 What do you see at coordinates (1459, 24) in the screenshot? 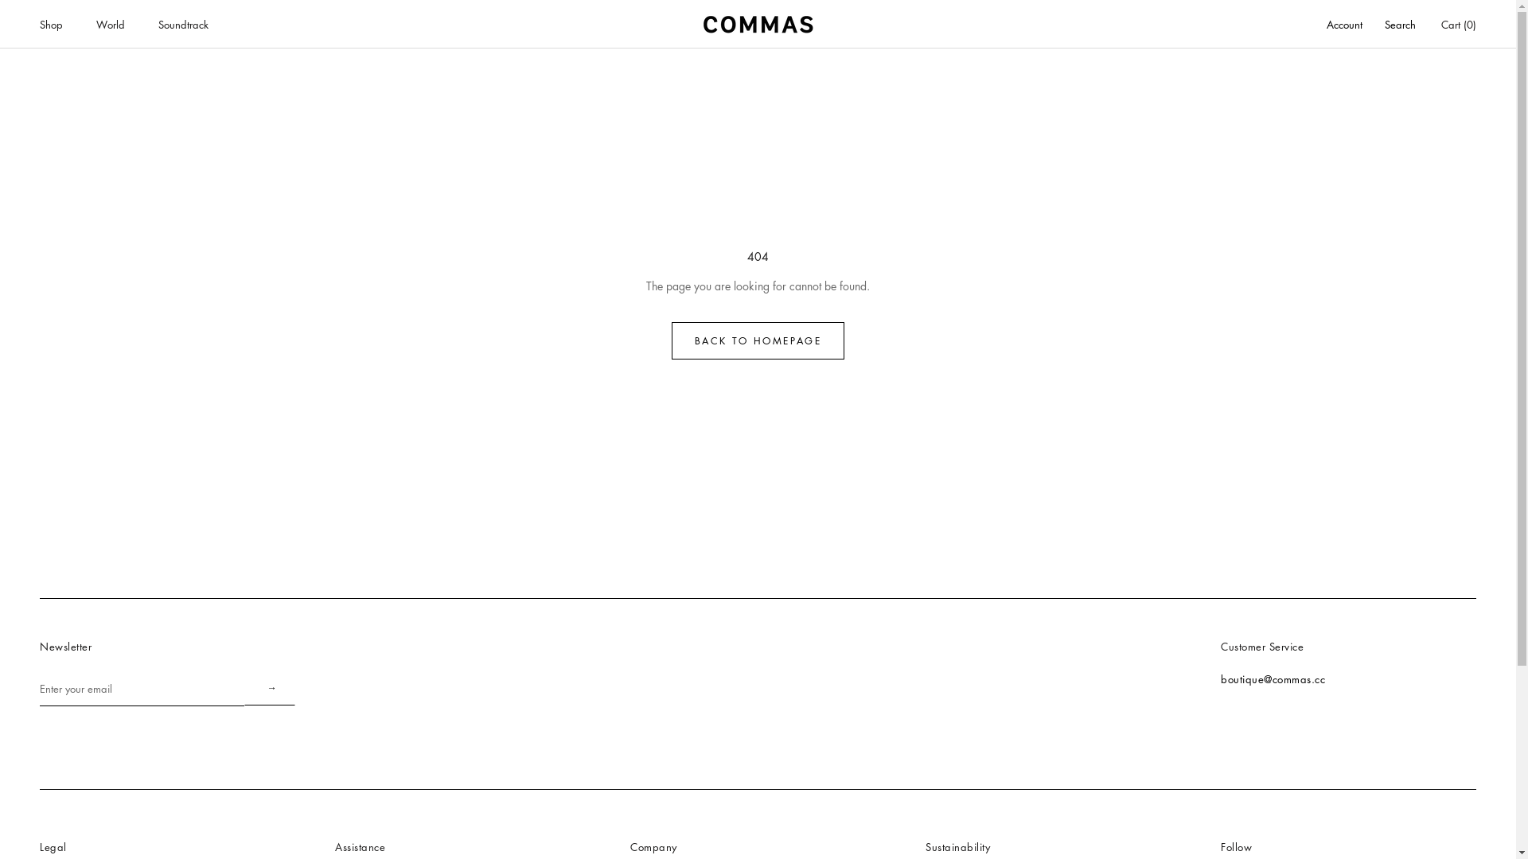
I see `'Cart (0)'` at bounding box center [1459, 24].